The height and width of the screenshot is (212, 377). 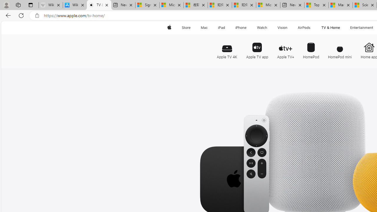 I want to click on 'Mac', so click(x=204, y=27).